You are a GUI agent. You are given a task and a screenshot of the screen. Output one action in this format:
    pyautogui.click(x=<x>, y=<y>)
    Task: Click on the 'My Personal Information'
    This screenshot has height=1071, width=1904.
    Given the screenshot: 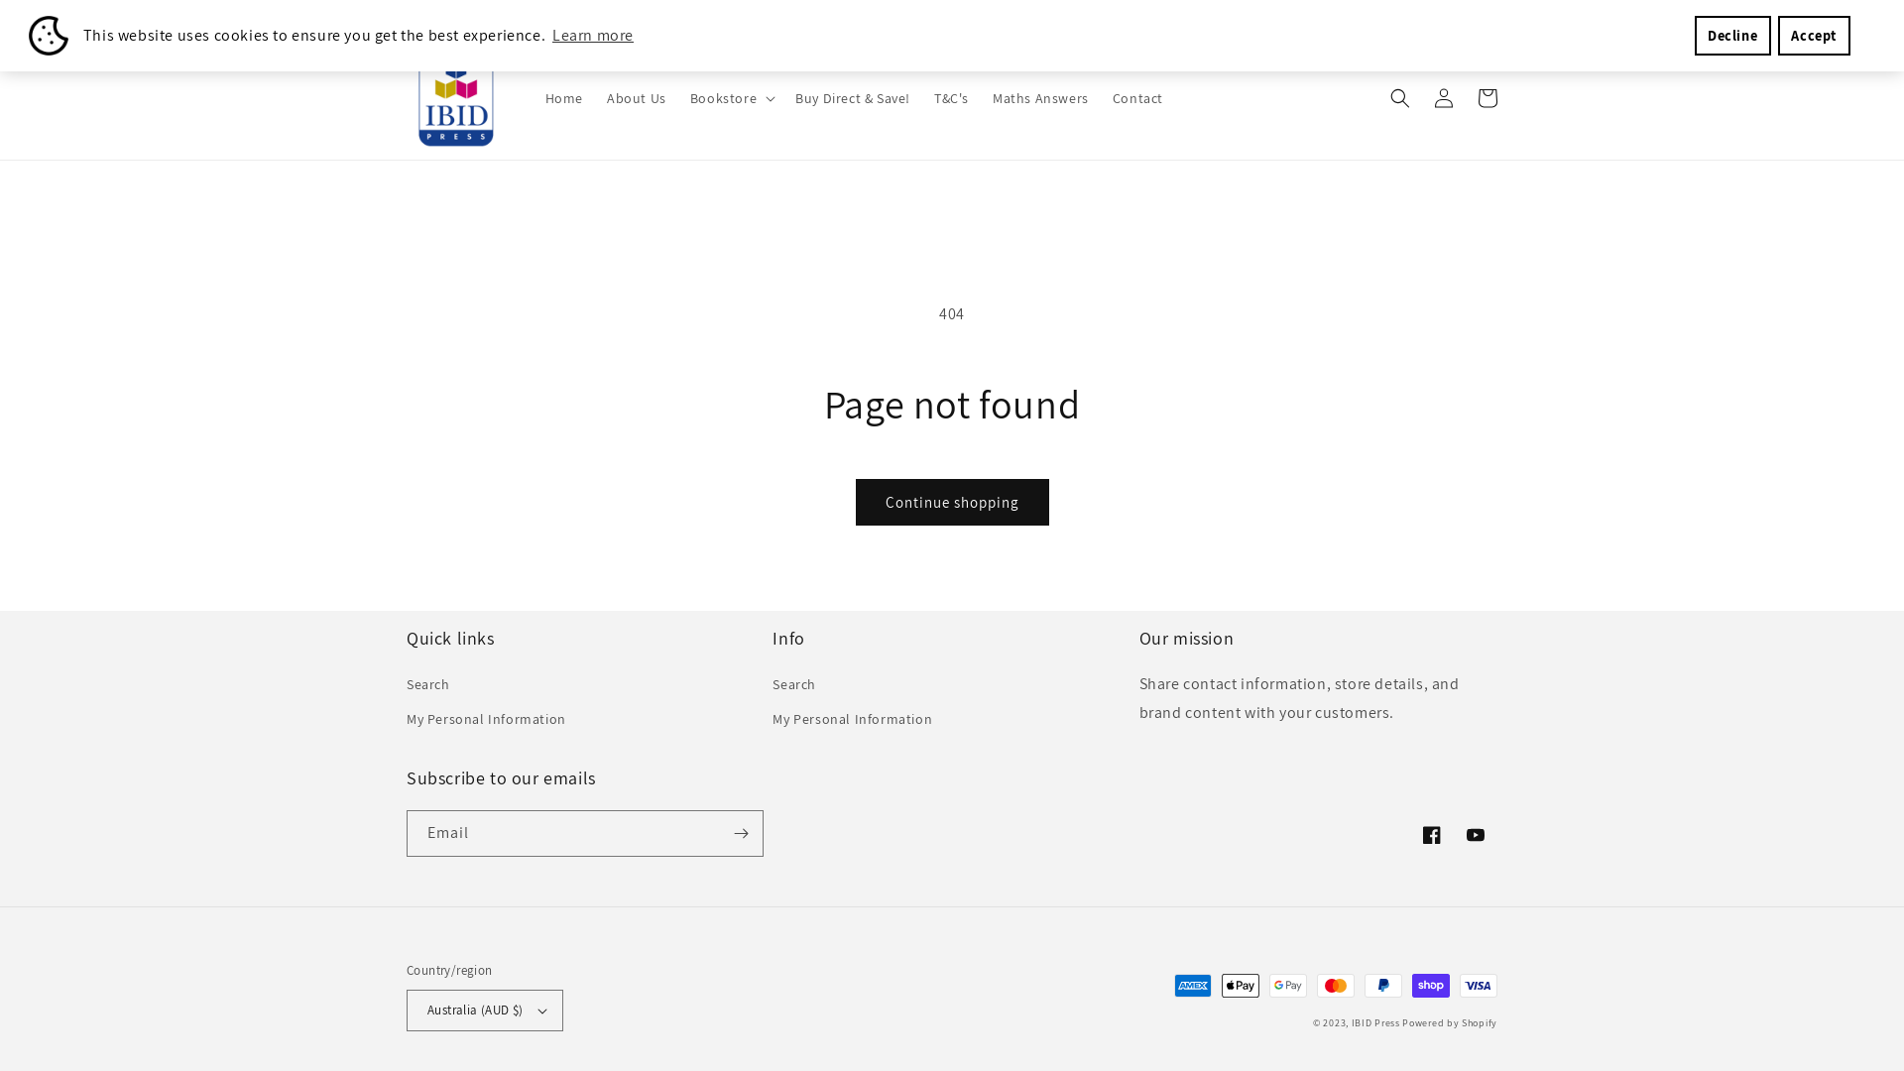 What is the action you would take?
    pyautogui.click(x=852, y=719)
    